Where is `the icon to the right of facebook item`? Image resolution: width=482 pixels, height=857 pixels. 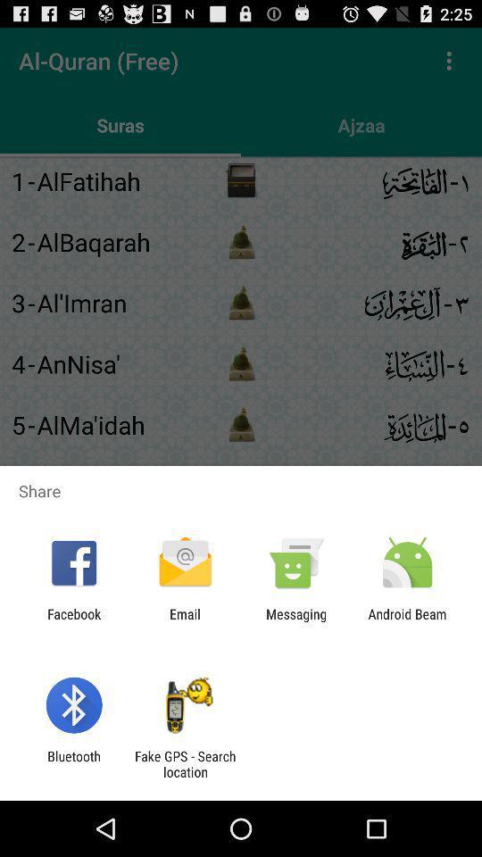
the icon to the right of facebook item is located at coordinates (184, 621).